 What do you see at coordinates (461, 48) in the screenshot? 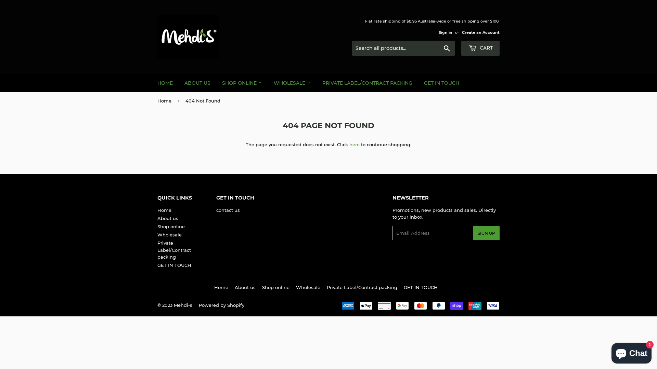
I see `'CART'` at bounding box center [461, 48].